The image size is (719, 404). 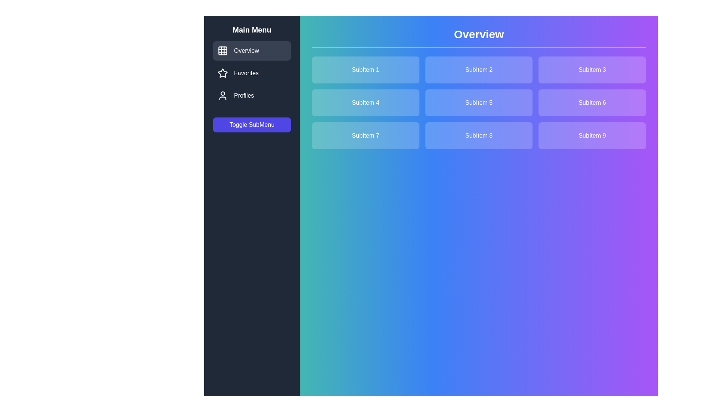 I want to click on the menu item Favorites to navigate to its corresponding view, so click(x=252, y=73).